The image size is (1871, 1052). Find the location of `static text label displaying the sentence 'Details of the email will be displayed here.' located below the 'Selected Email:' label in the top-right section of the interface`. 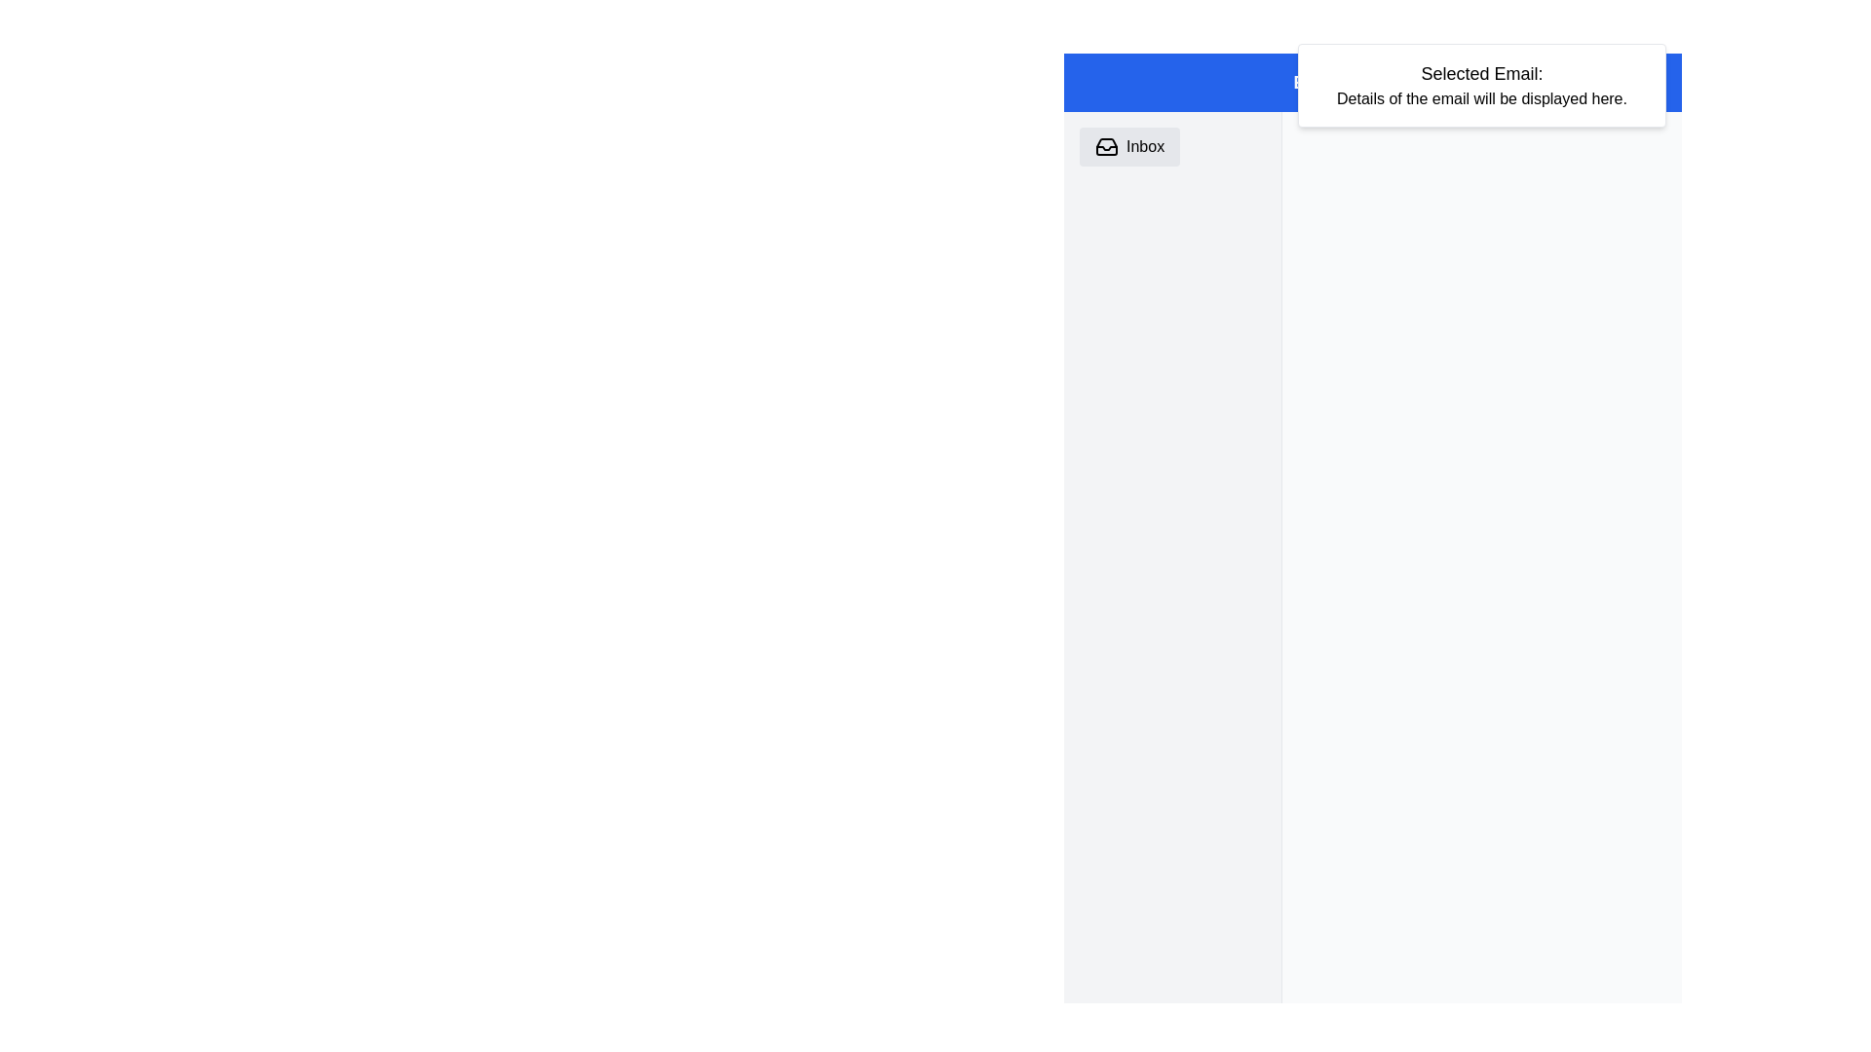

static text label displaying the sentence 'Details of the email will be displayed here.' located below the 'Selected Email:' label in the top-right section of the interface is located at coordinates (1481, 98).